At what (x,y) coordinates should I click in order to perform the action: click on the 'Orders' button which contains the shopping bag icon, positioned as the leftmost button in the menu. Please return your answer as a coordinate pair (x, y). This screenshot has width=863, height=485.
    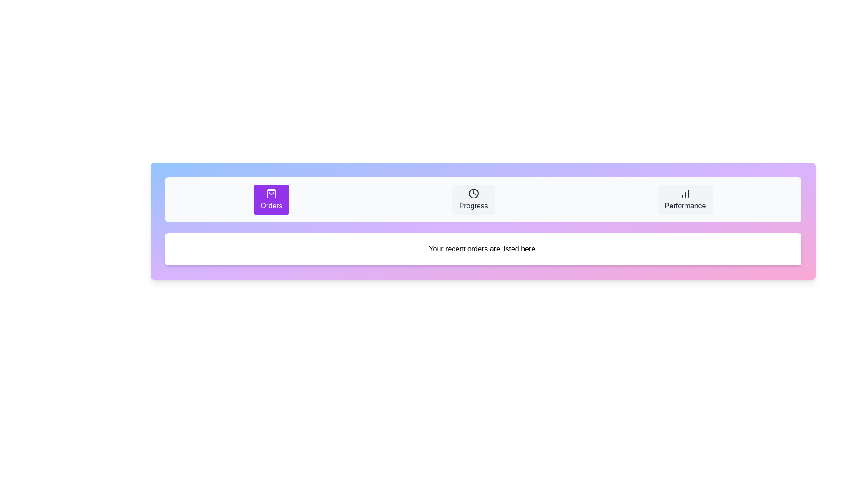
    Looking at the image, I should click on (271, 193).